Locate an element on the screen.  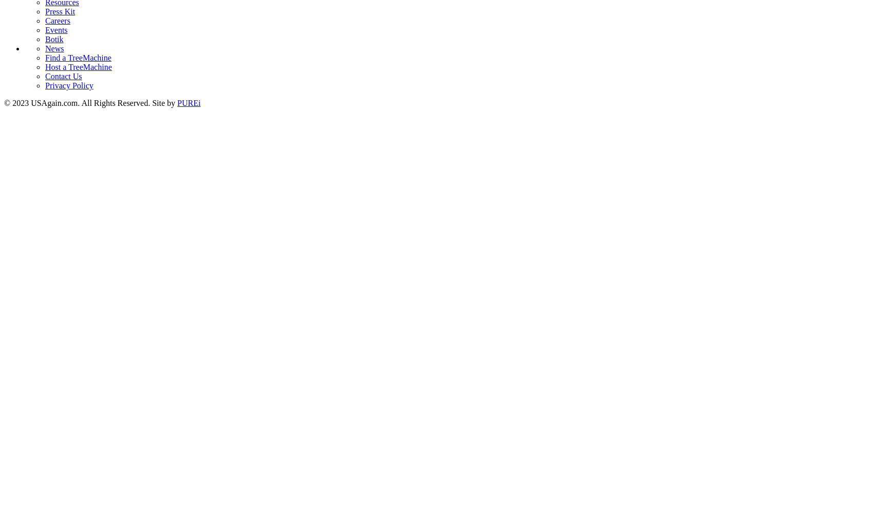
'Botik' is located at coordinates (53, 38).